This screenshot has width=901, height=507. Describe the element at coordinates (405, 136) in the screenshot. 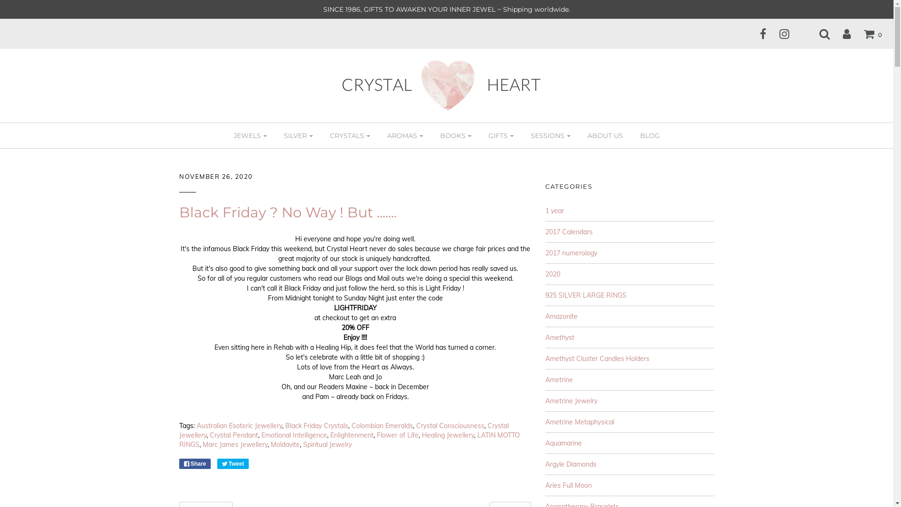

I see `'AROMAS'` at that location.